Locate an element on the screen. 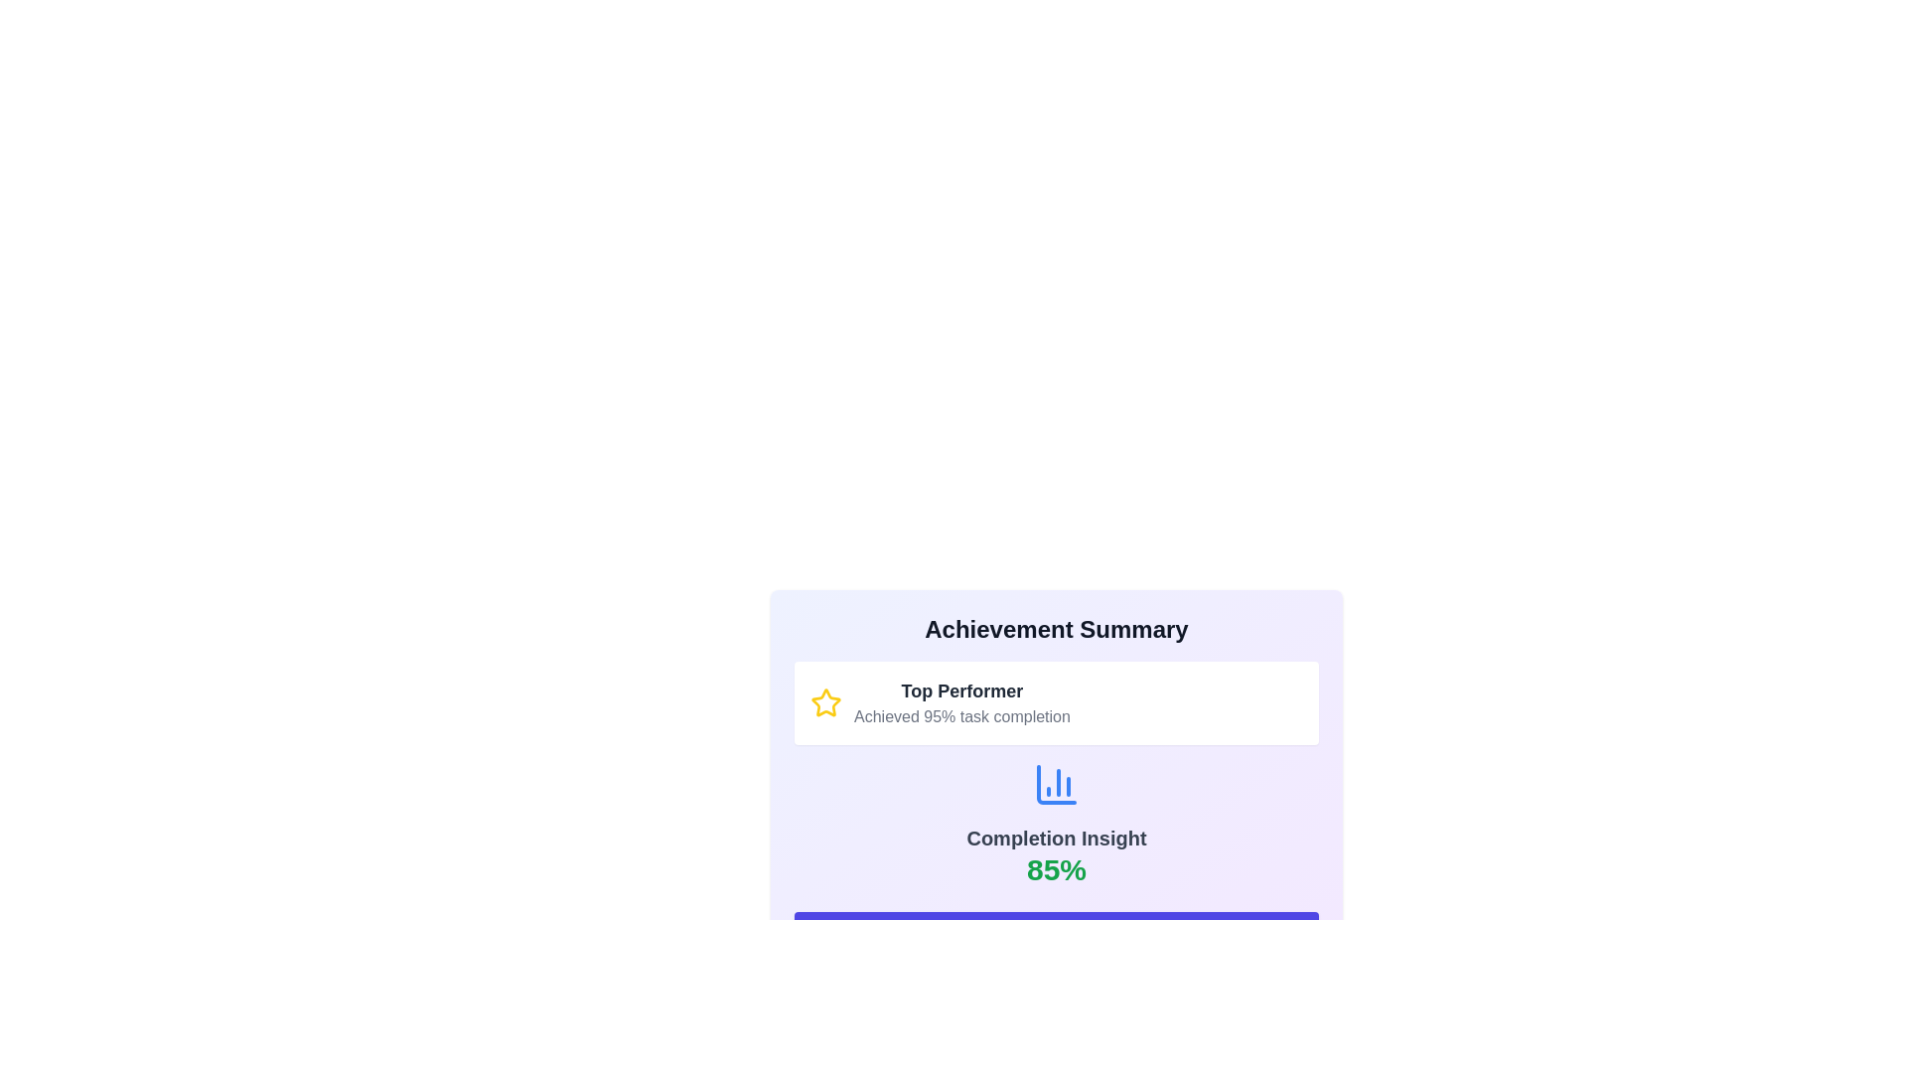 The width and height of the screenshot is (1907, 1073). the graphical icon representing performance insights, located centrally below the 'Top Performer' section and above the 'Completion Insight' text is located at coordinates (1056, 784).